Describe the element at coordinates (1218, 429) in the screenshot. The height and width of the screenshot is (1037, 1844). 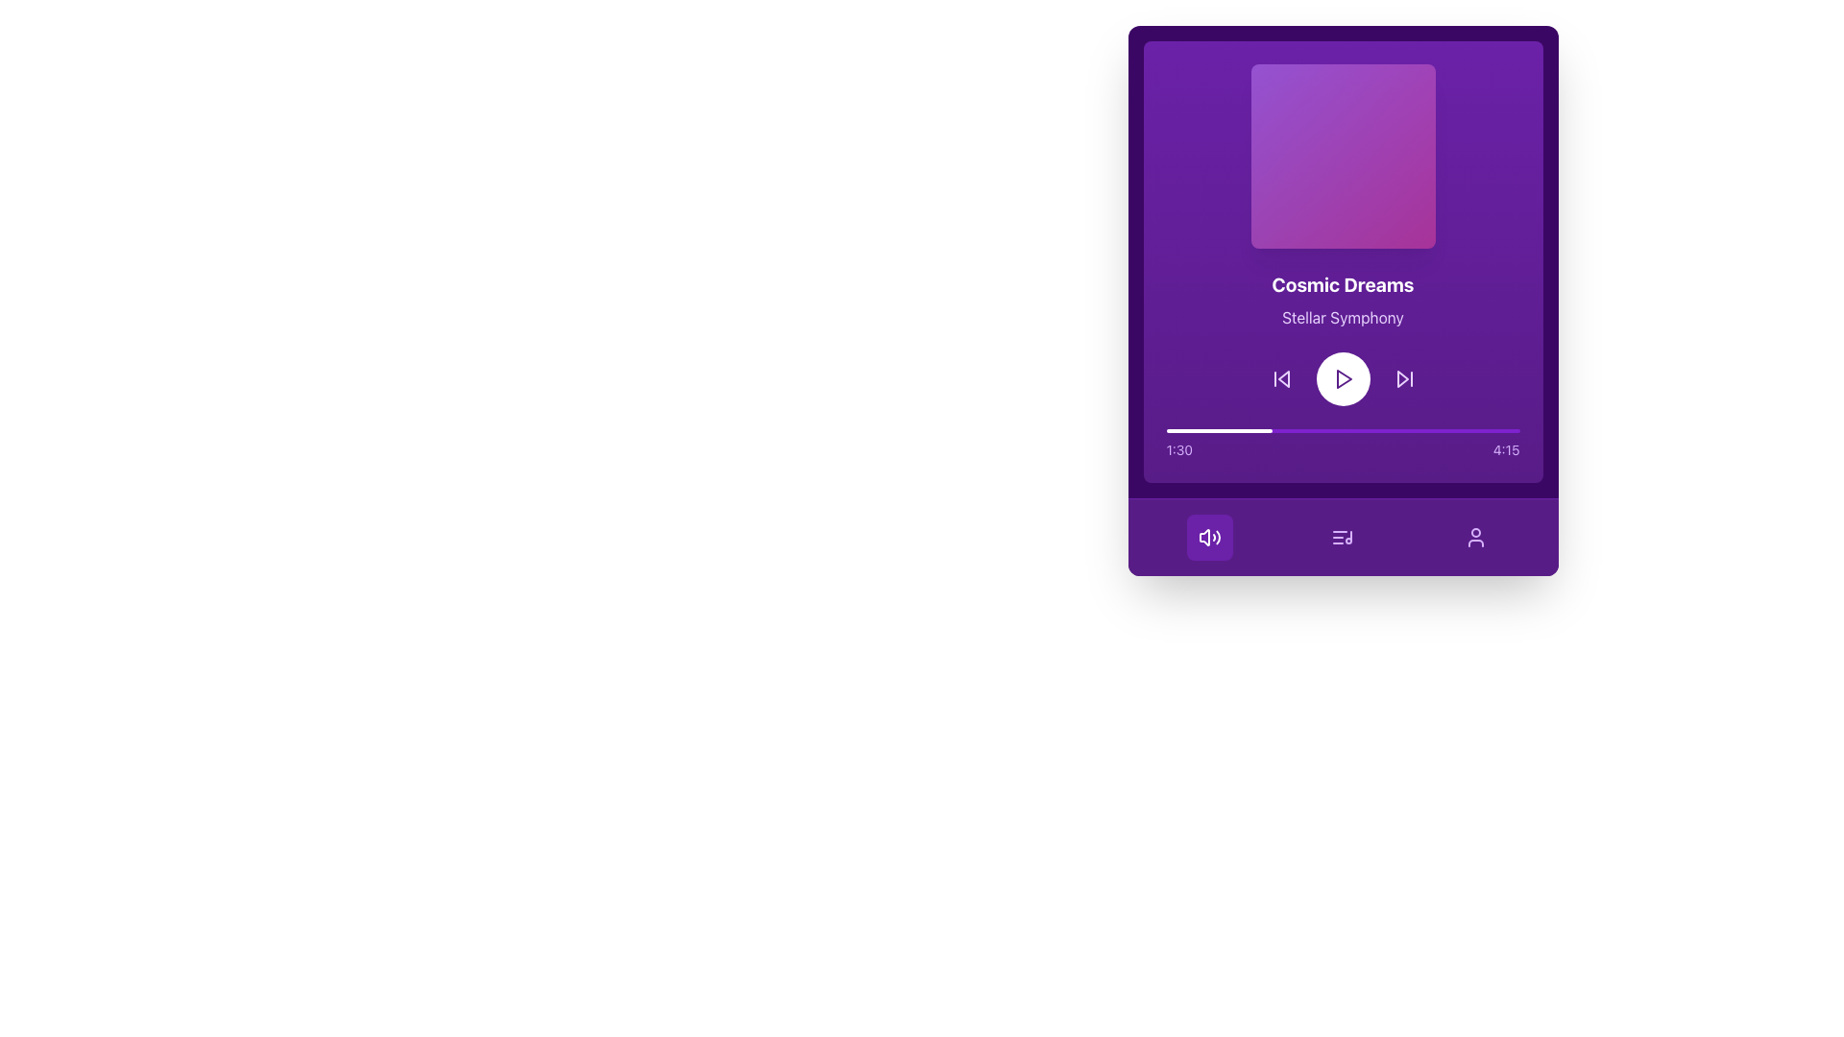
I see `the progress indicator within the progress bar of the music player card, which represents the portion of the task completed` at that location.